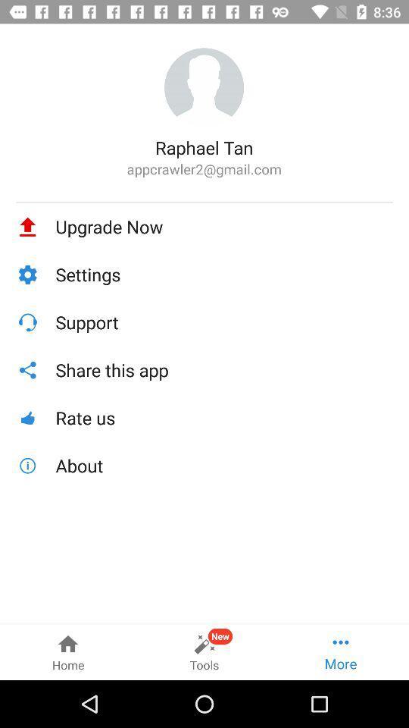 The width and height of the screenshot is (409, 728). What do you see at coordinates (223, 369) in the screenshot?
I see `the share this app` at bounding box center [223, 369].